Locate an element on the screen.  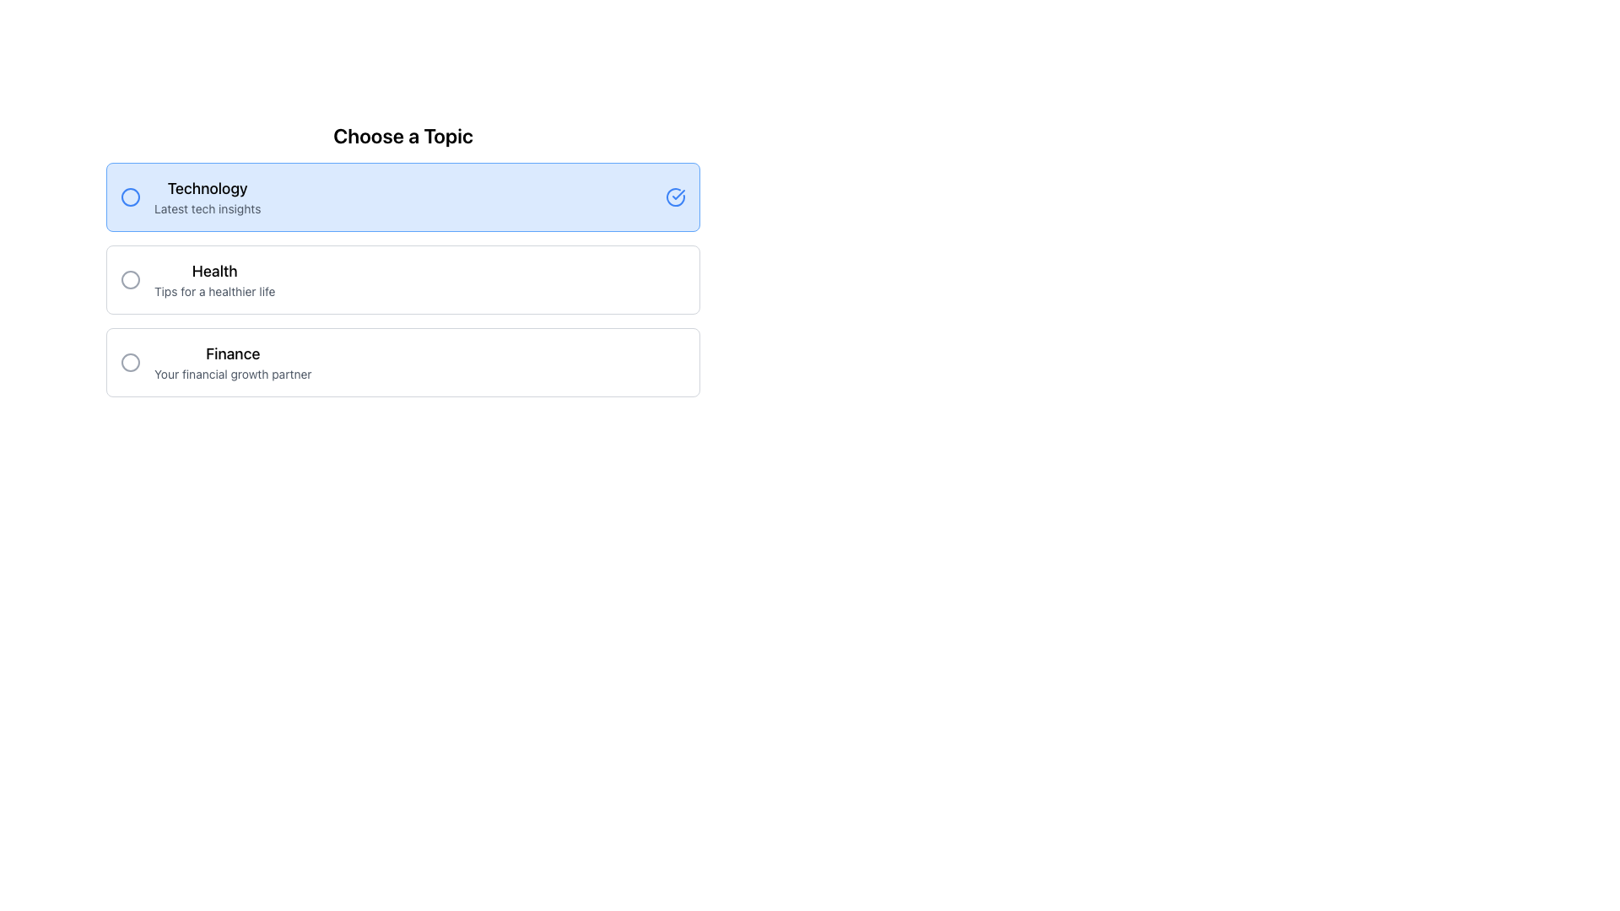
the Checkmark icon indicating the selection of the 'Technology' topic, which is positioned at the far-right end of the section labeled 'Technology Latest tech insights' is located at coordinates (676, 197).